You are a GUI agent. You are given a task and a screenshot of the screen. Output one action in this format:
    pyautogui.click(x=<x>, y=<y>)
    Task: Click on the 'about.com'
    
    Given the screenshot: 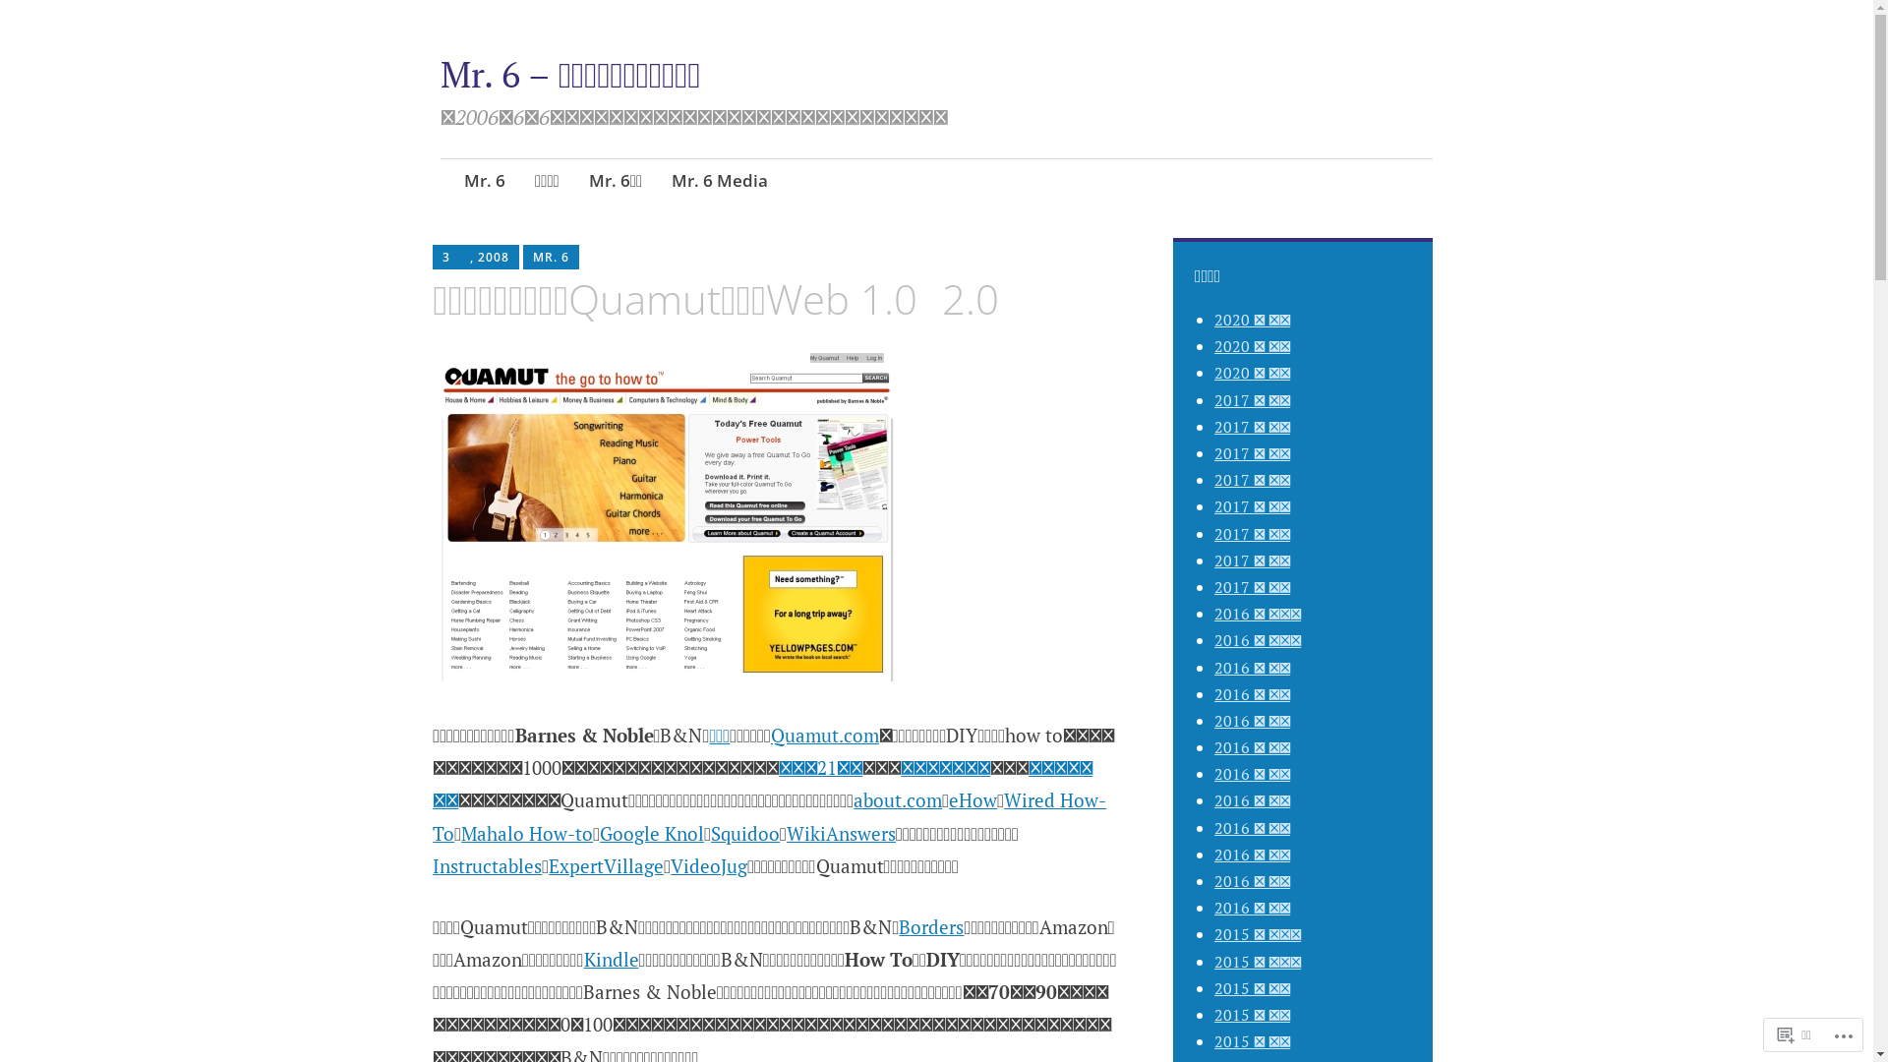 What is the action you would take?
    pyautogui.click(x=896, y=799)
    